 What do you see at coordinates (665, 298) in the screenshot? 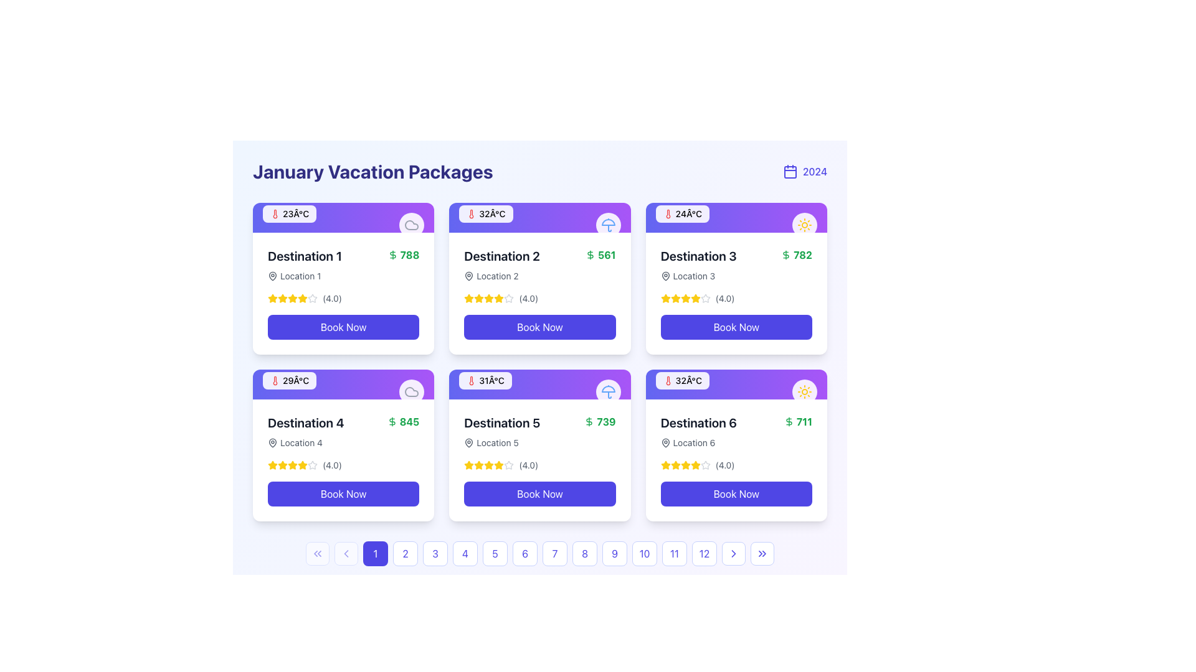
I see `the yellow star icon located in the rating section of the 'Destination 3' vacation package card to interact with the rating` at bounding box center [665, 298].